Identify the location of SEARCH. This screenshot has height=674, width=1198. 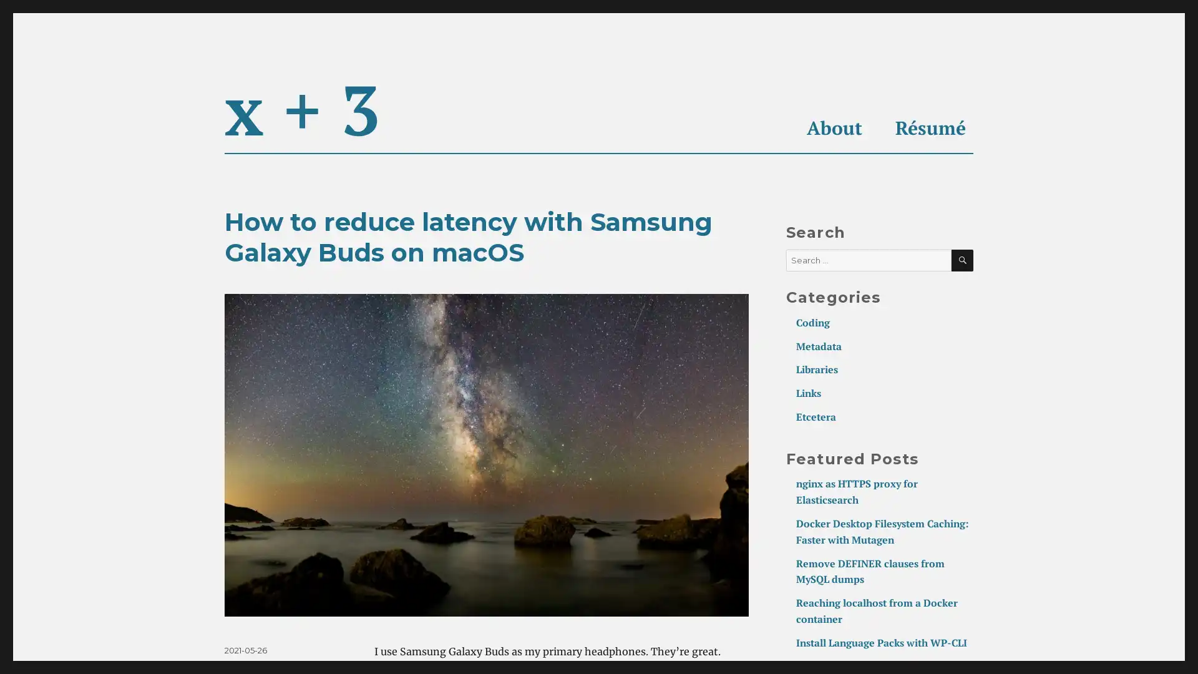
(962, 260).